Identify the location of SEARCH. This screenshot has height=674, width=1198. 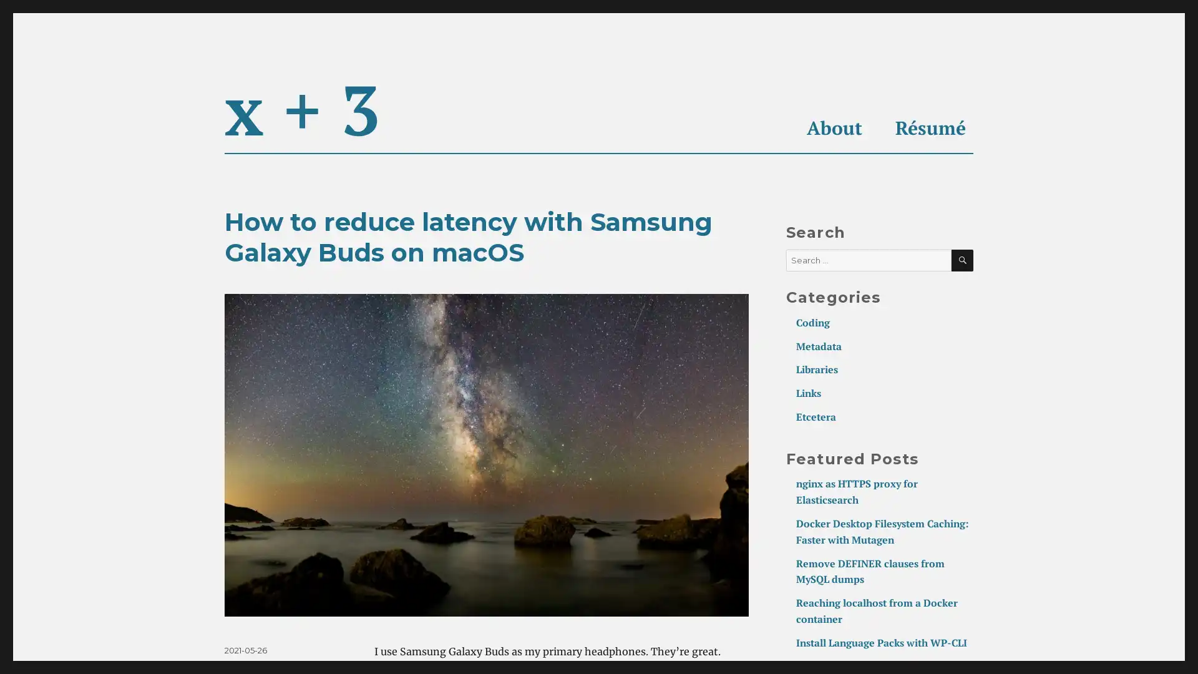
(962, 260).